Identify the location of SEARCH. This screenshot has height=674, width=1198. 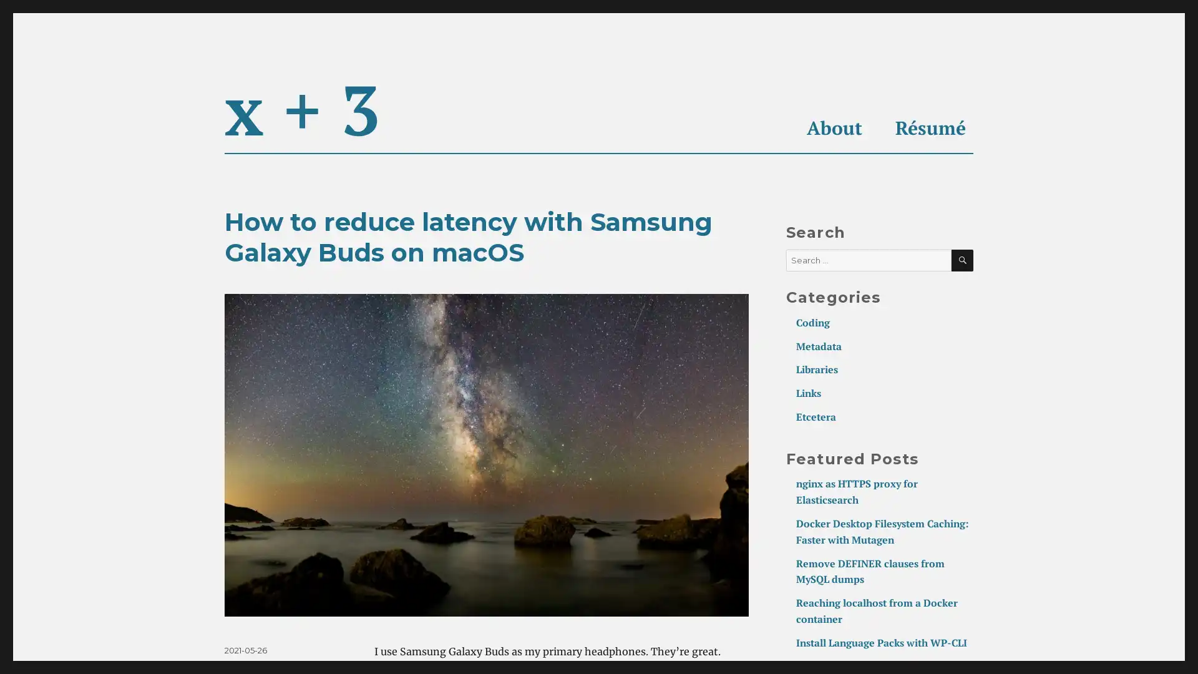
(962, 260).